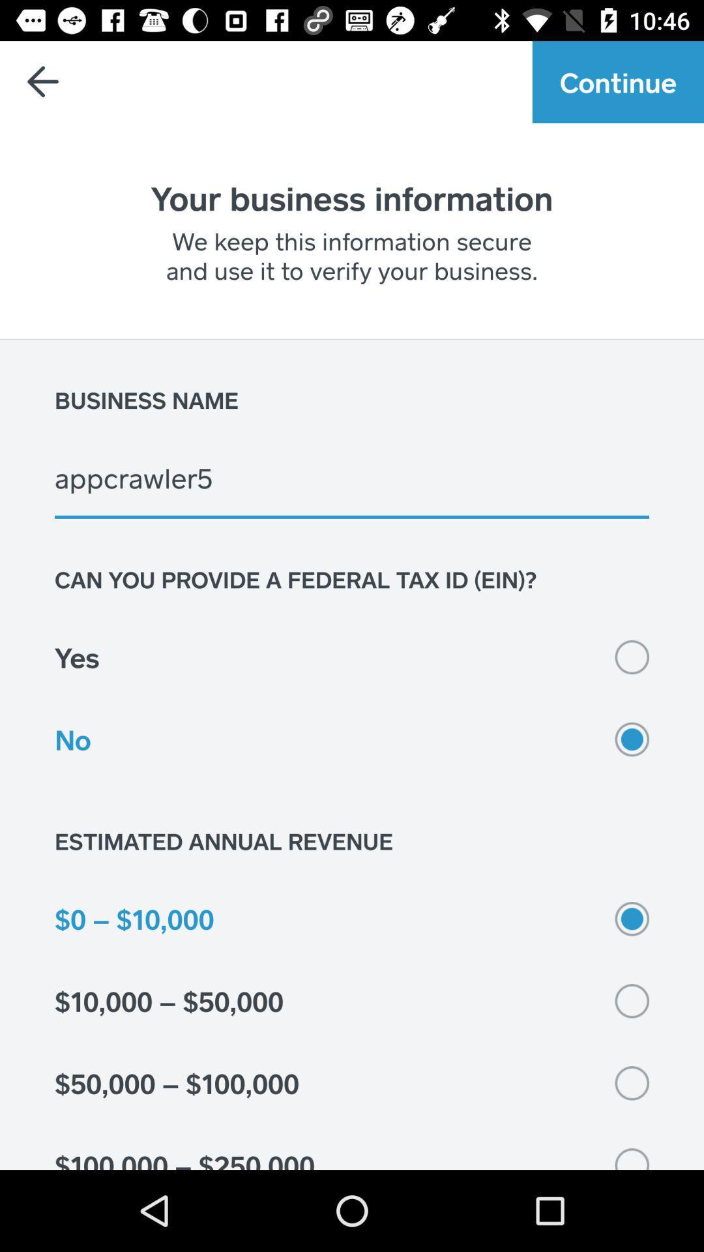 The image size is (704, 1252). What do you see at coordinates (352, 739) in the screenshot?
I see `icon above estimated annual revenue` at bounding box center [352, 739].